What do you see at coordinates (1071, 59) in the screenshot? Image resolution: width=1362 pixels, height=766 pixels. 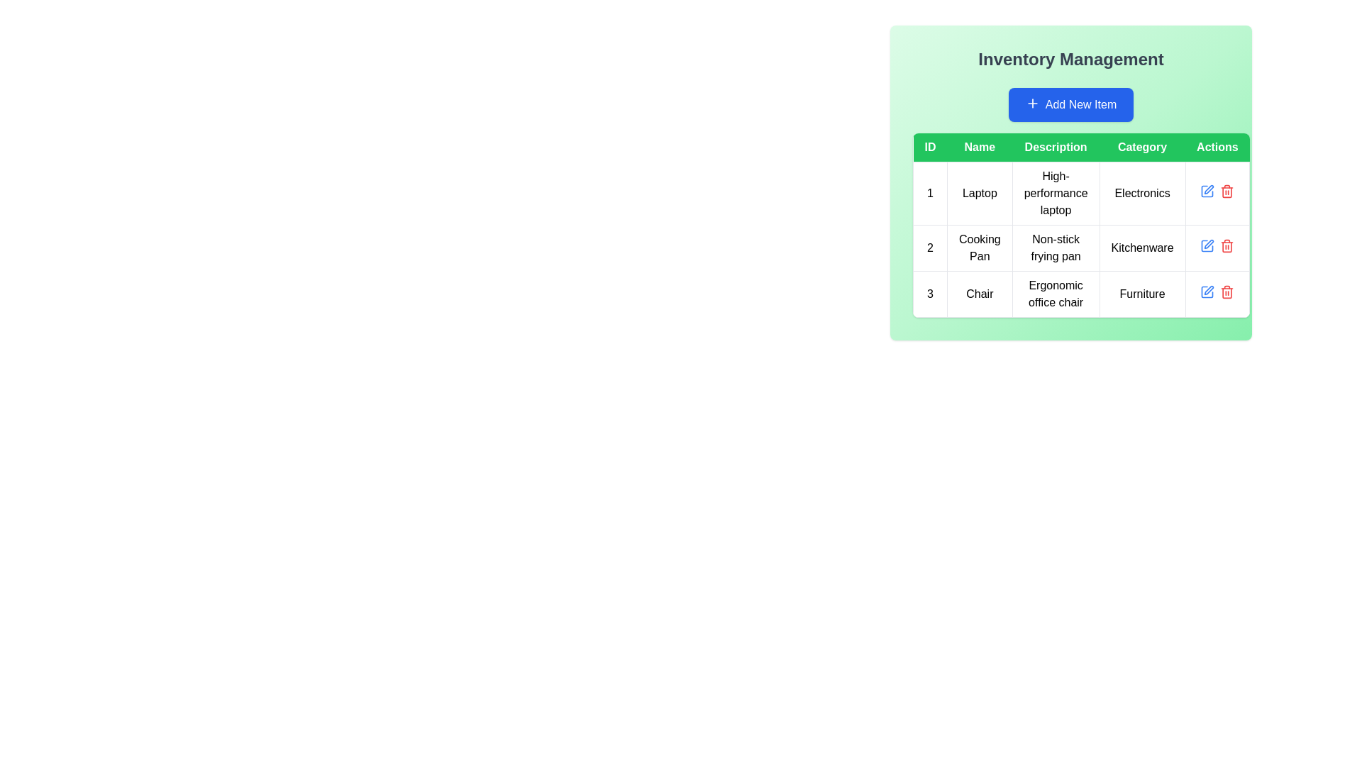 I see `the header text label of the inventory management section to select the text` at bounding box center [1071, 59].